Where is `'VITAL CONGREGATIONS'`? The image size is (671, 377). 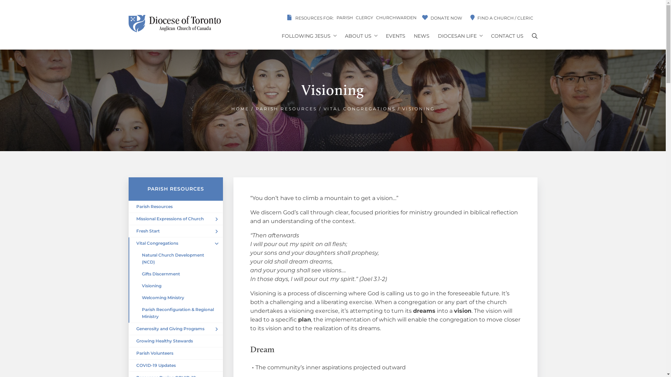 'VITAL CONGREGATIONS' is located at coordinates (359, 109).